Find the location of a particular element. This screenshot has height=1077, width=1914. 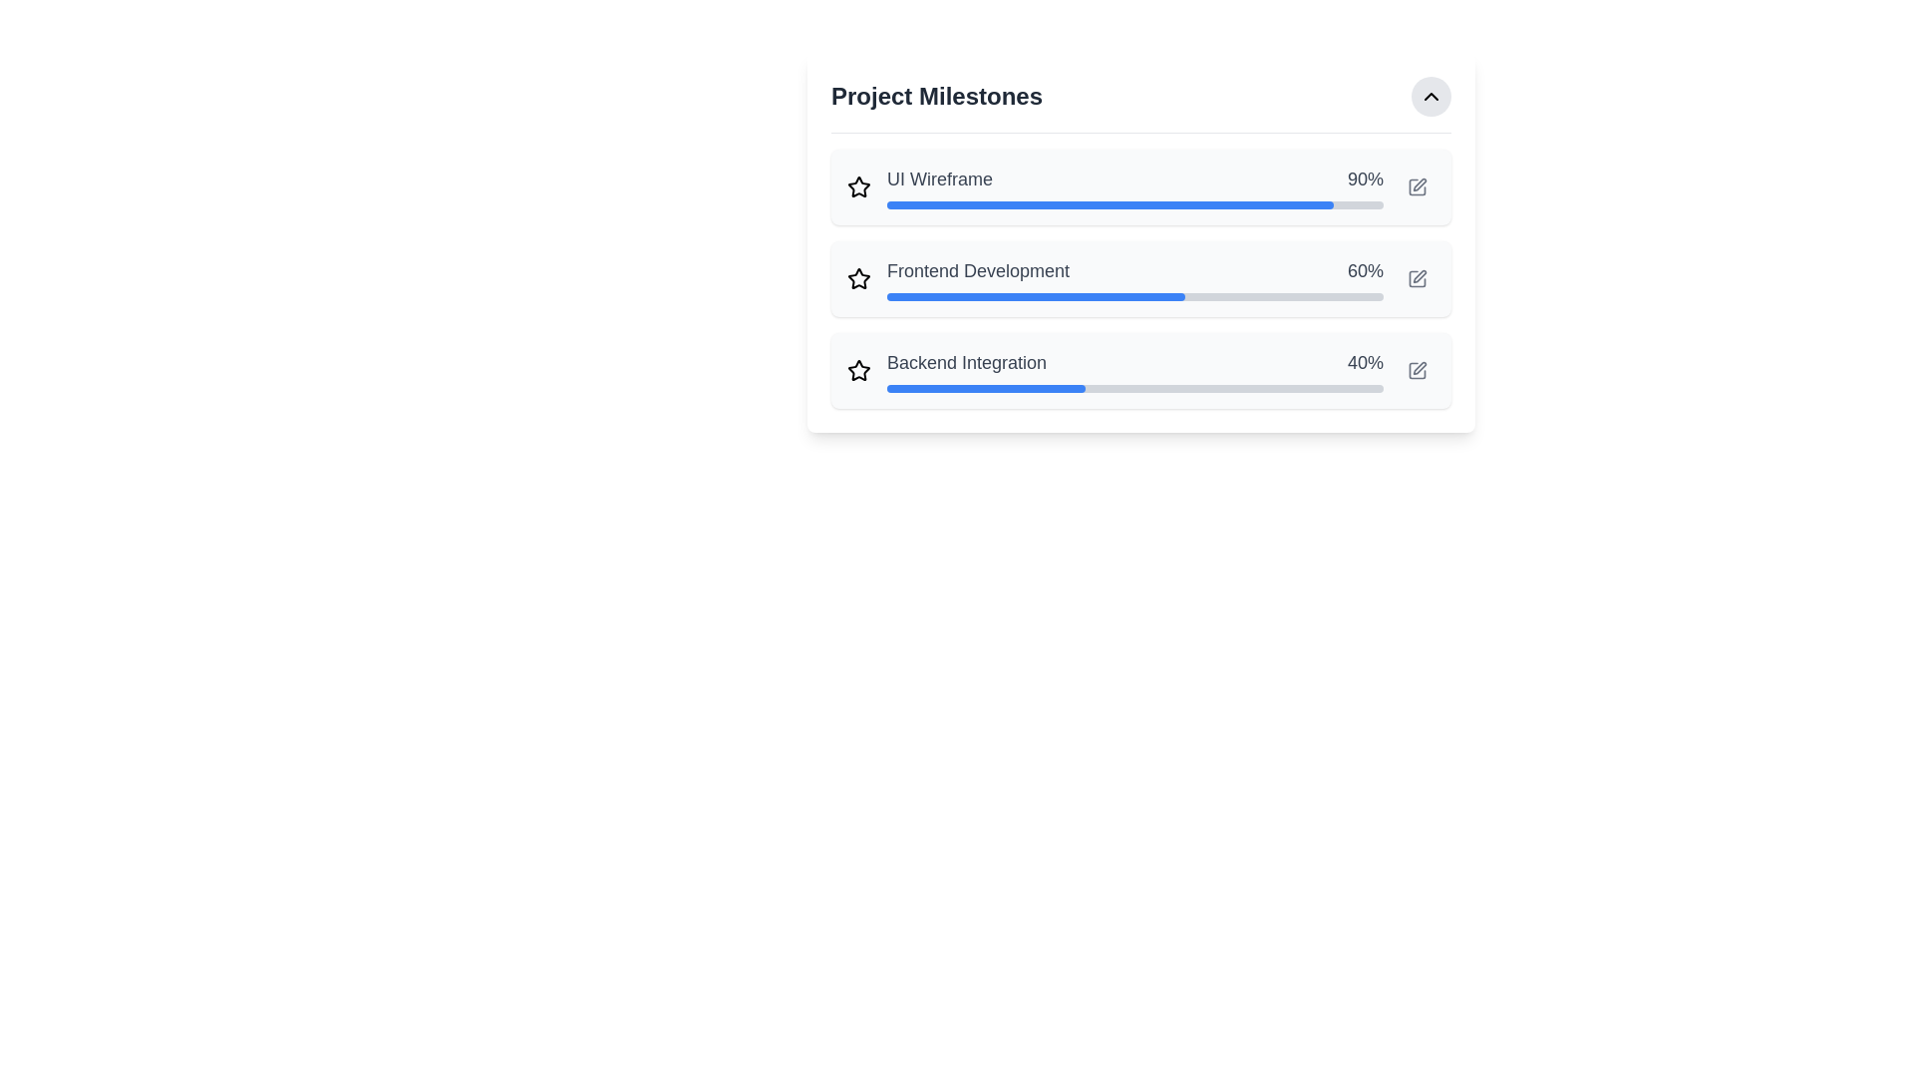

the edit icon for the 'UI Wireframe' milestone is located at coordinates (1419, 184).